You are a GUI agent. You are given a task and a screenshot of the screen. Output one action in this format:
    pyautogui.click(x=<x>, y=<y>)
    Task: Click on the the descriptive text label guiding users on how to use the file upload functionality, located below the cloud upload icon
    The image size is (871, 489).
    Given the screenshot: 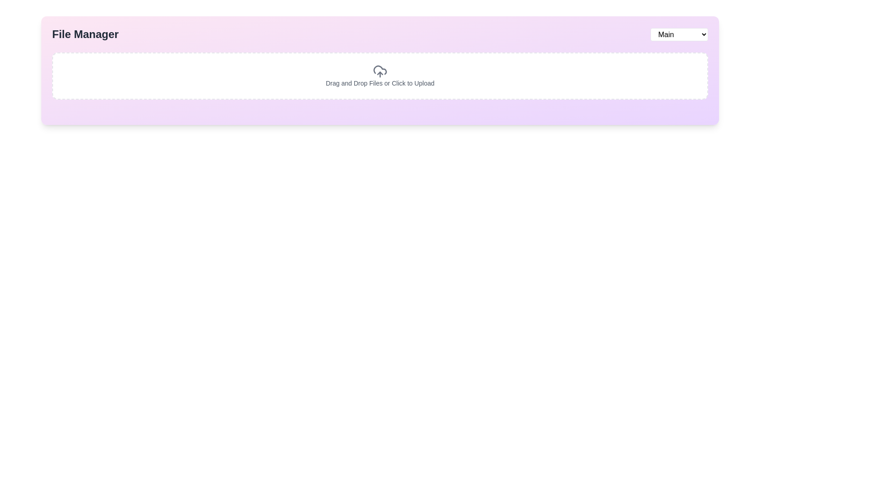 What is the action you would take?
    pyautogui.click(x=380, y=83)
    